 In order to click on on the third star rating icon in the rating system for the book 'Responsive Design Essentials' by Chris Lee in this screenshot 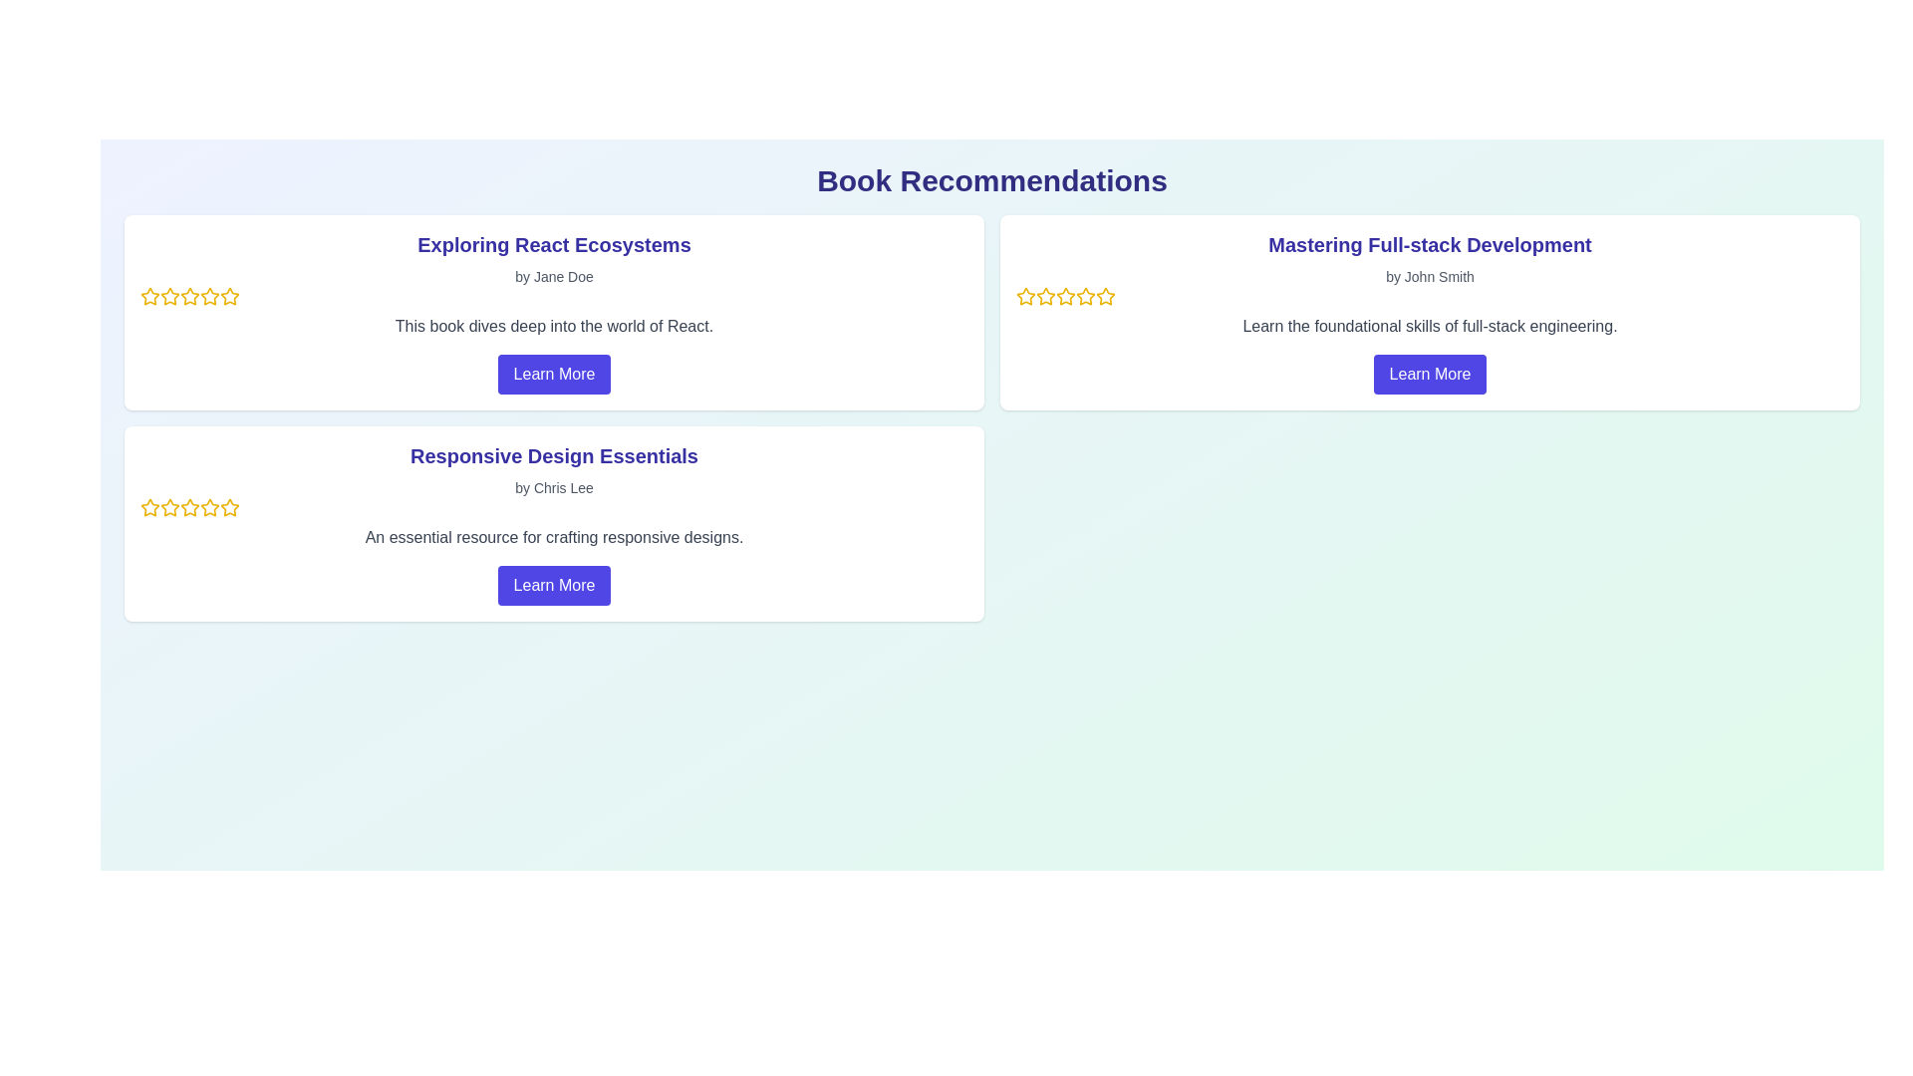, I will do `click(170, 506)`.